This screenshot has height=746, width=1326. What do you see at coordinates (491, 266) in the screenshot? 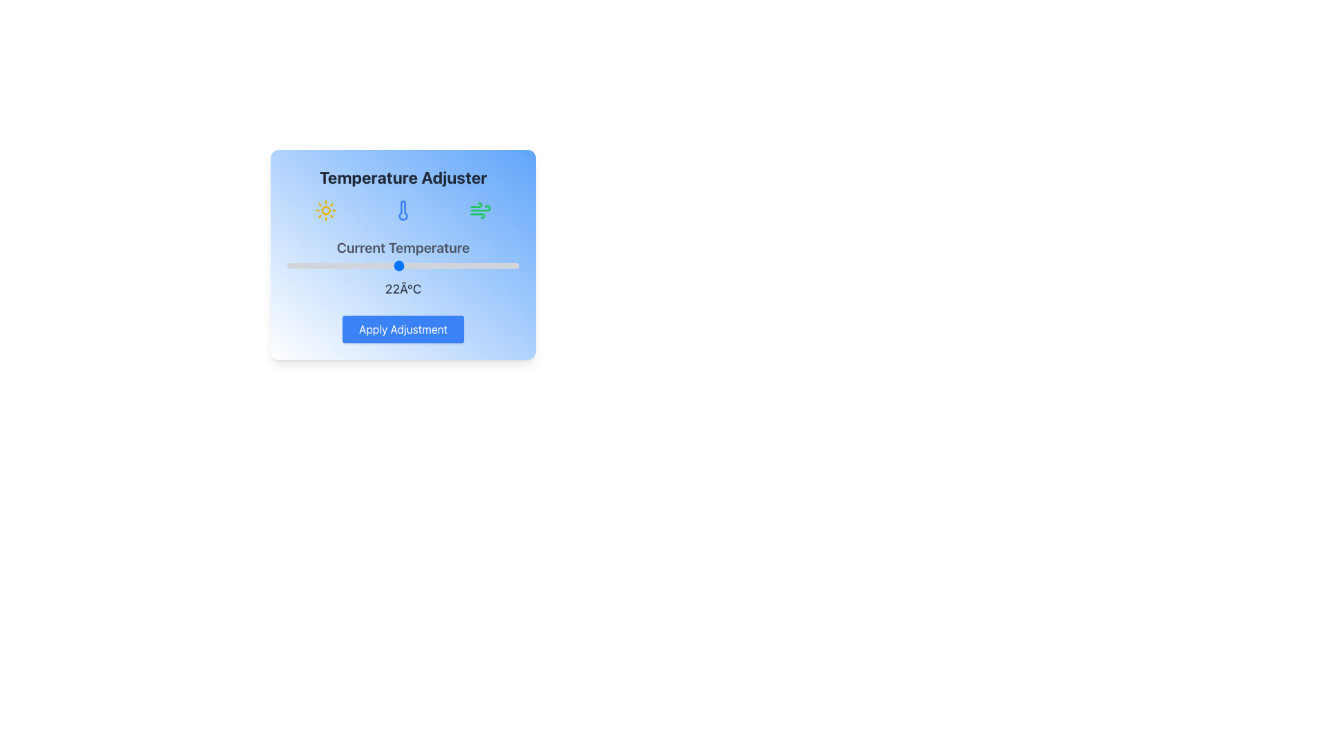
I see `temperature` at bounding box center [491, 266].